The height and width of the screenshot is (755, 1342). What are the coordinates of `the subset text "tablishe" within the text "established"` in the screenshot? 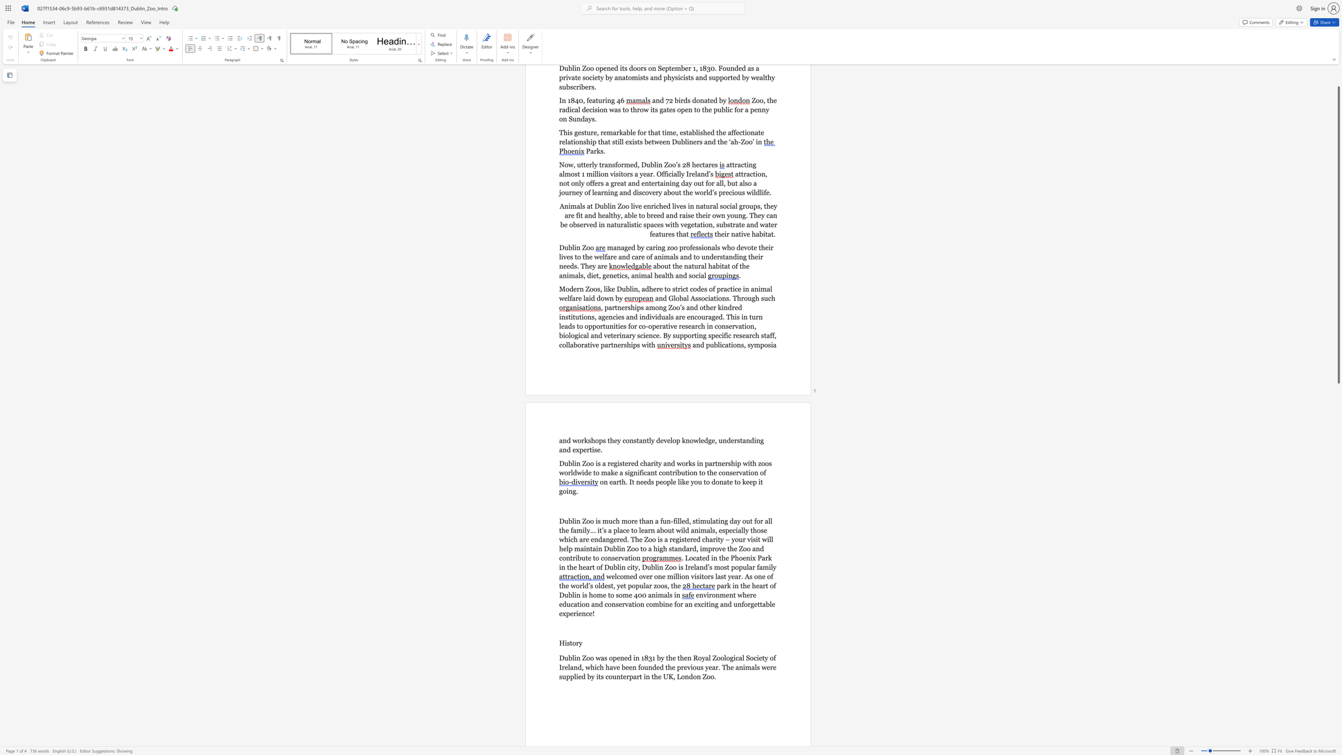 It's located at (686, 132).